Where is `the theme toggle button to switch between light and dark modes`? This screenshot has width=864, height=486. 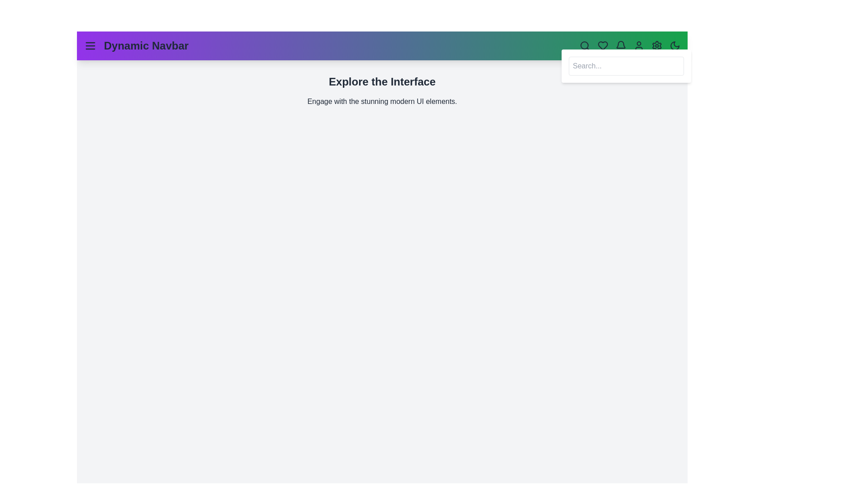 the theme toggle button to switch between light and dark modes is located at coordinates (675, 45).